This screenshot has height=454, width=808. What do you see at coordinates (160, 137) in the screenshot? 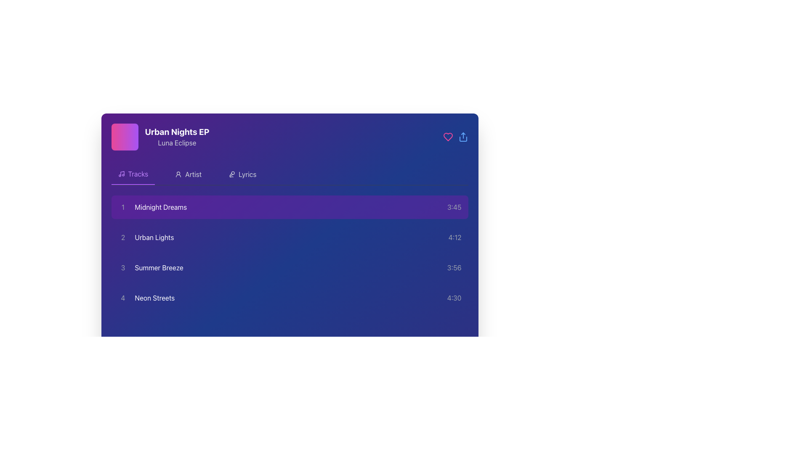
I see `album title and subtitle information displayed in the information block located in the top-left area of the interface, next to navigation links and interactive icons` at bounding box center [160, 137].